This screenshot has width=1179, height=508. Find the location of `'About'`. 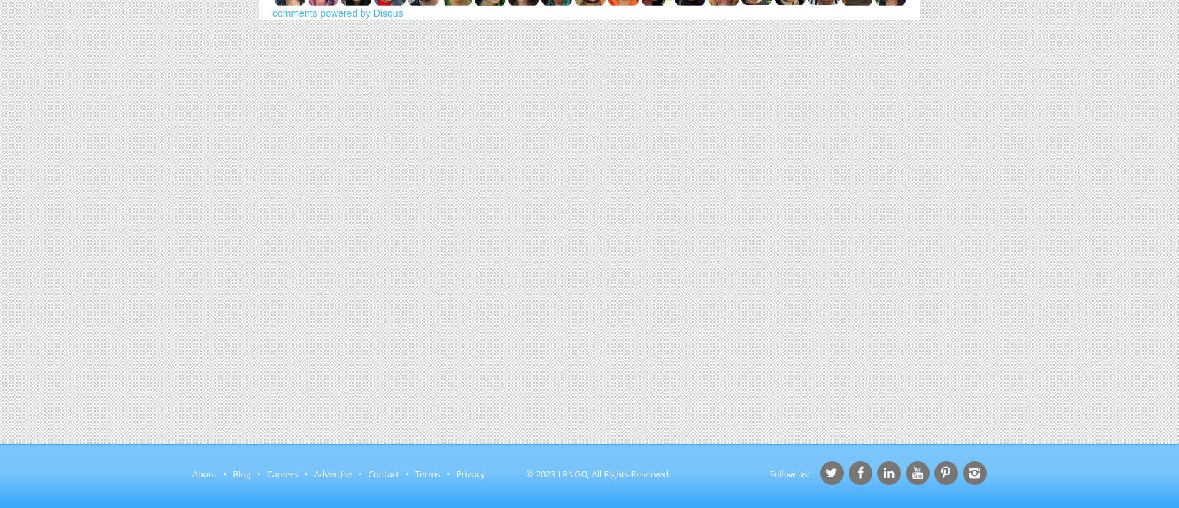

'About' is located at coordinates (203, 474).